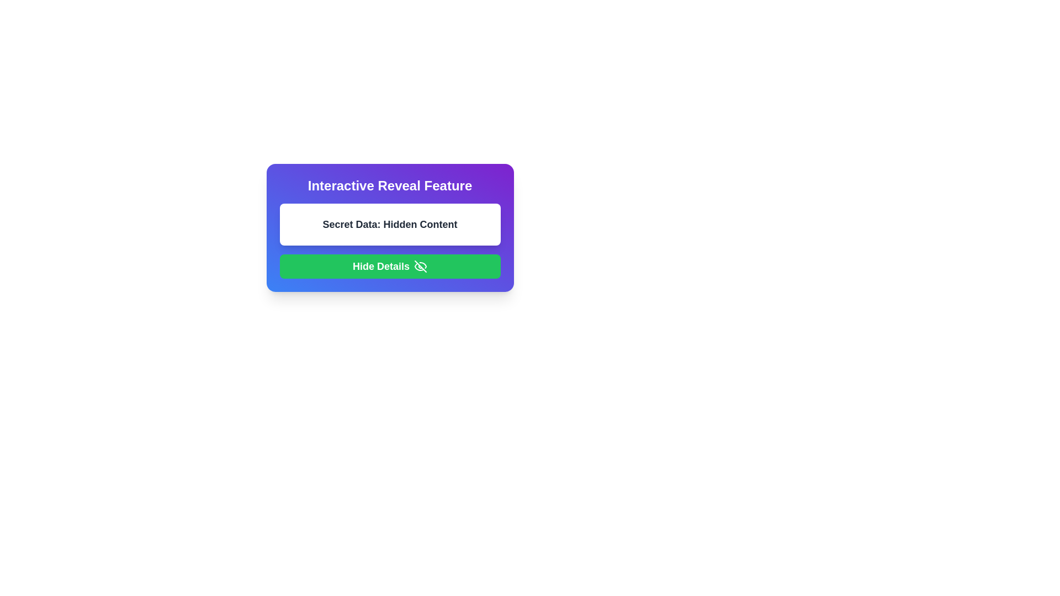  What do you see at coordinates (390, 185) in the screenshot?
I see `bold, large text element labeled 'Interactive Reveal Feature' which is prominently displayed at the top of the page, above the 'Secret Data: Hidden Content' section` at bounding box center [390, 185].